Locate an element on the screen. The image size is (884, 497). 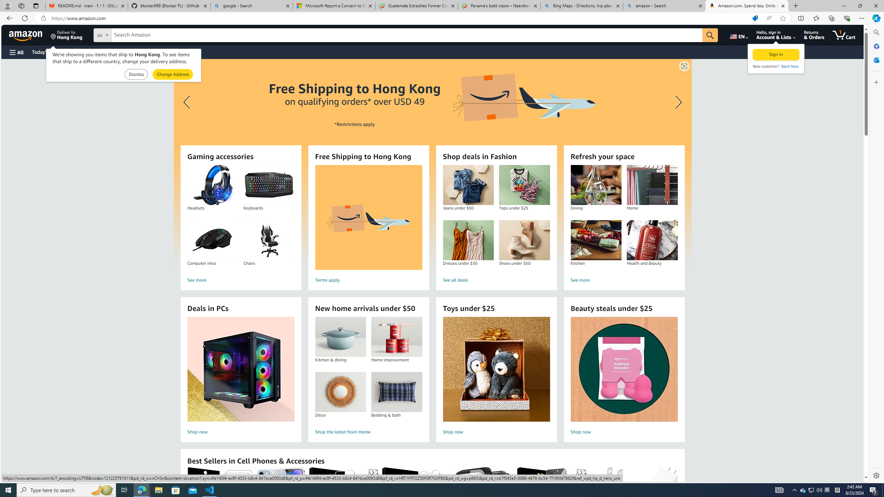
'Home improvement' is located at coordinates (397, 337).